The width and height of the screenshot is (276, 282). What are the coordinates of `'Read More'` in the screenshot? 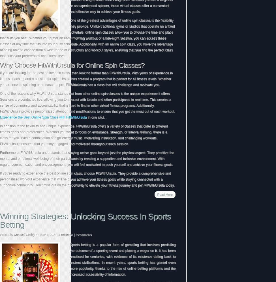 It's located at (164, 194).